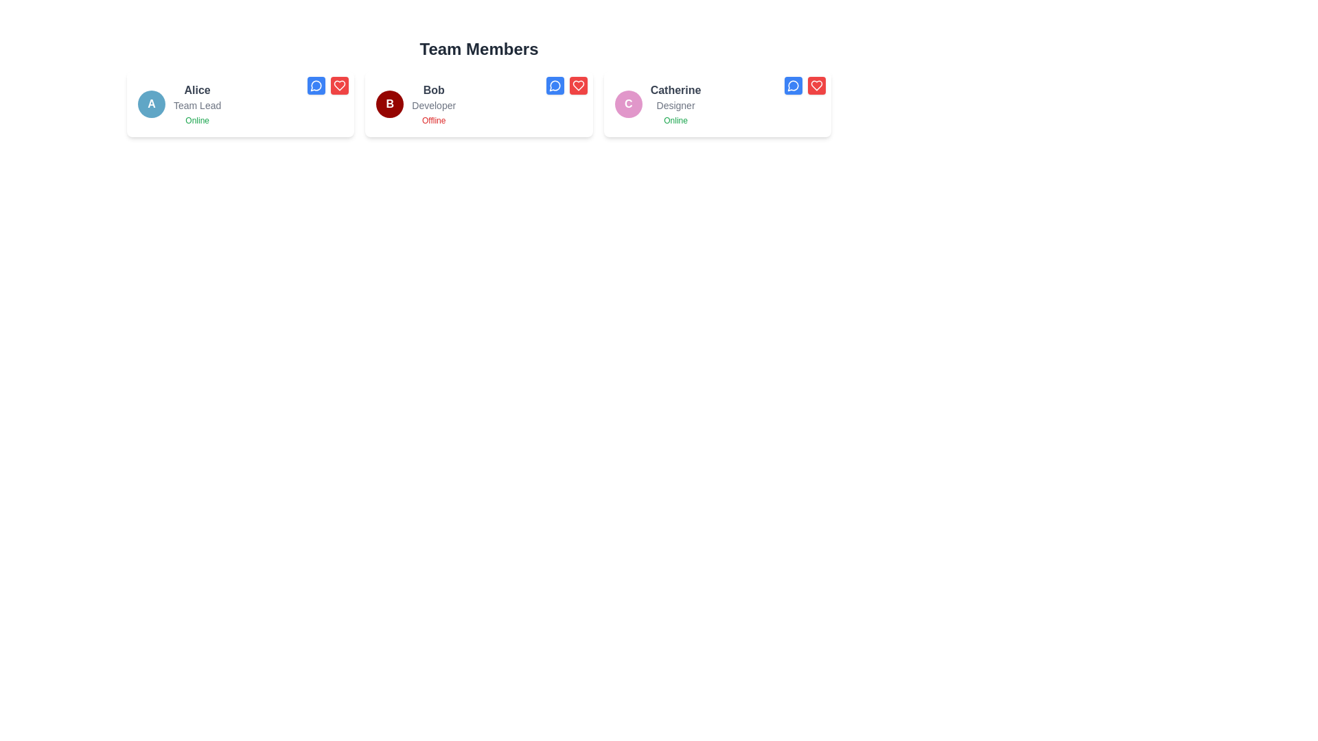  I want to click on the red square button with a white heart icon located at the top-right corner of the 'Catherine Designer' card, so click(817, 85).